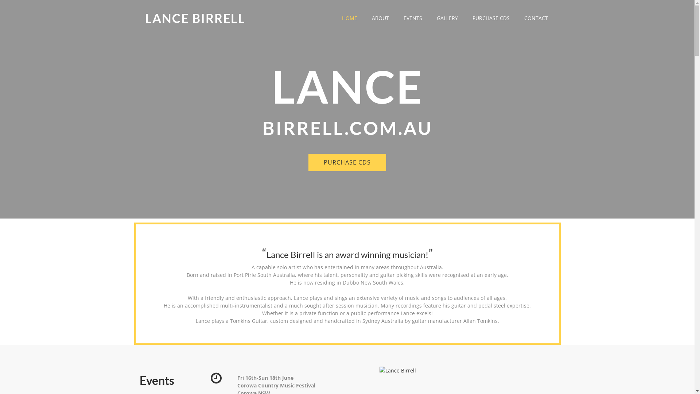 The image size is (700, 394). I want to click on 'ABOUT', so click(380, 18).